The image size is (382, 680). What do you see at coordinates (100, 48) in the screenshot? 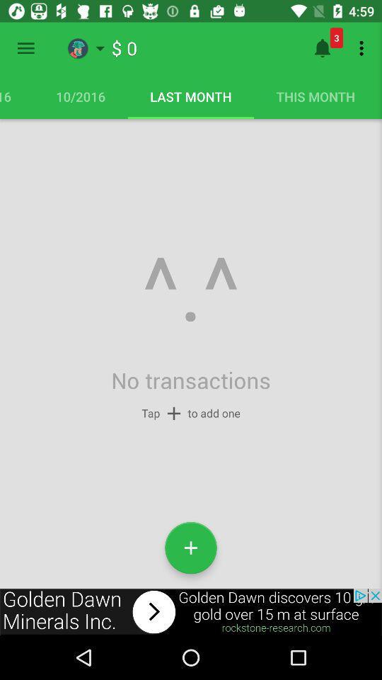
I see `the wishlist option on the top of the page` at bounding box center [100, 48].